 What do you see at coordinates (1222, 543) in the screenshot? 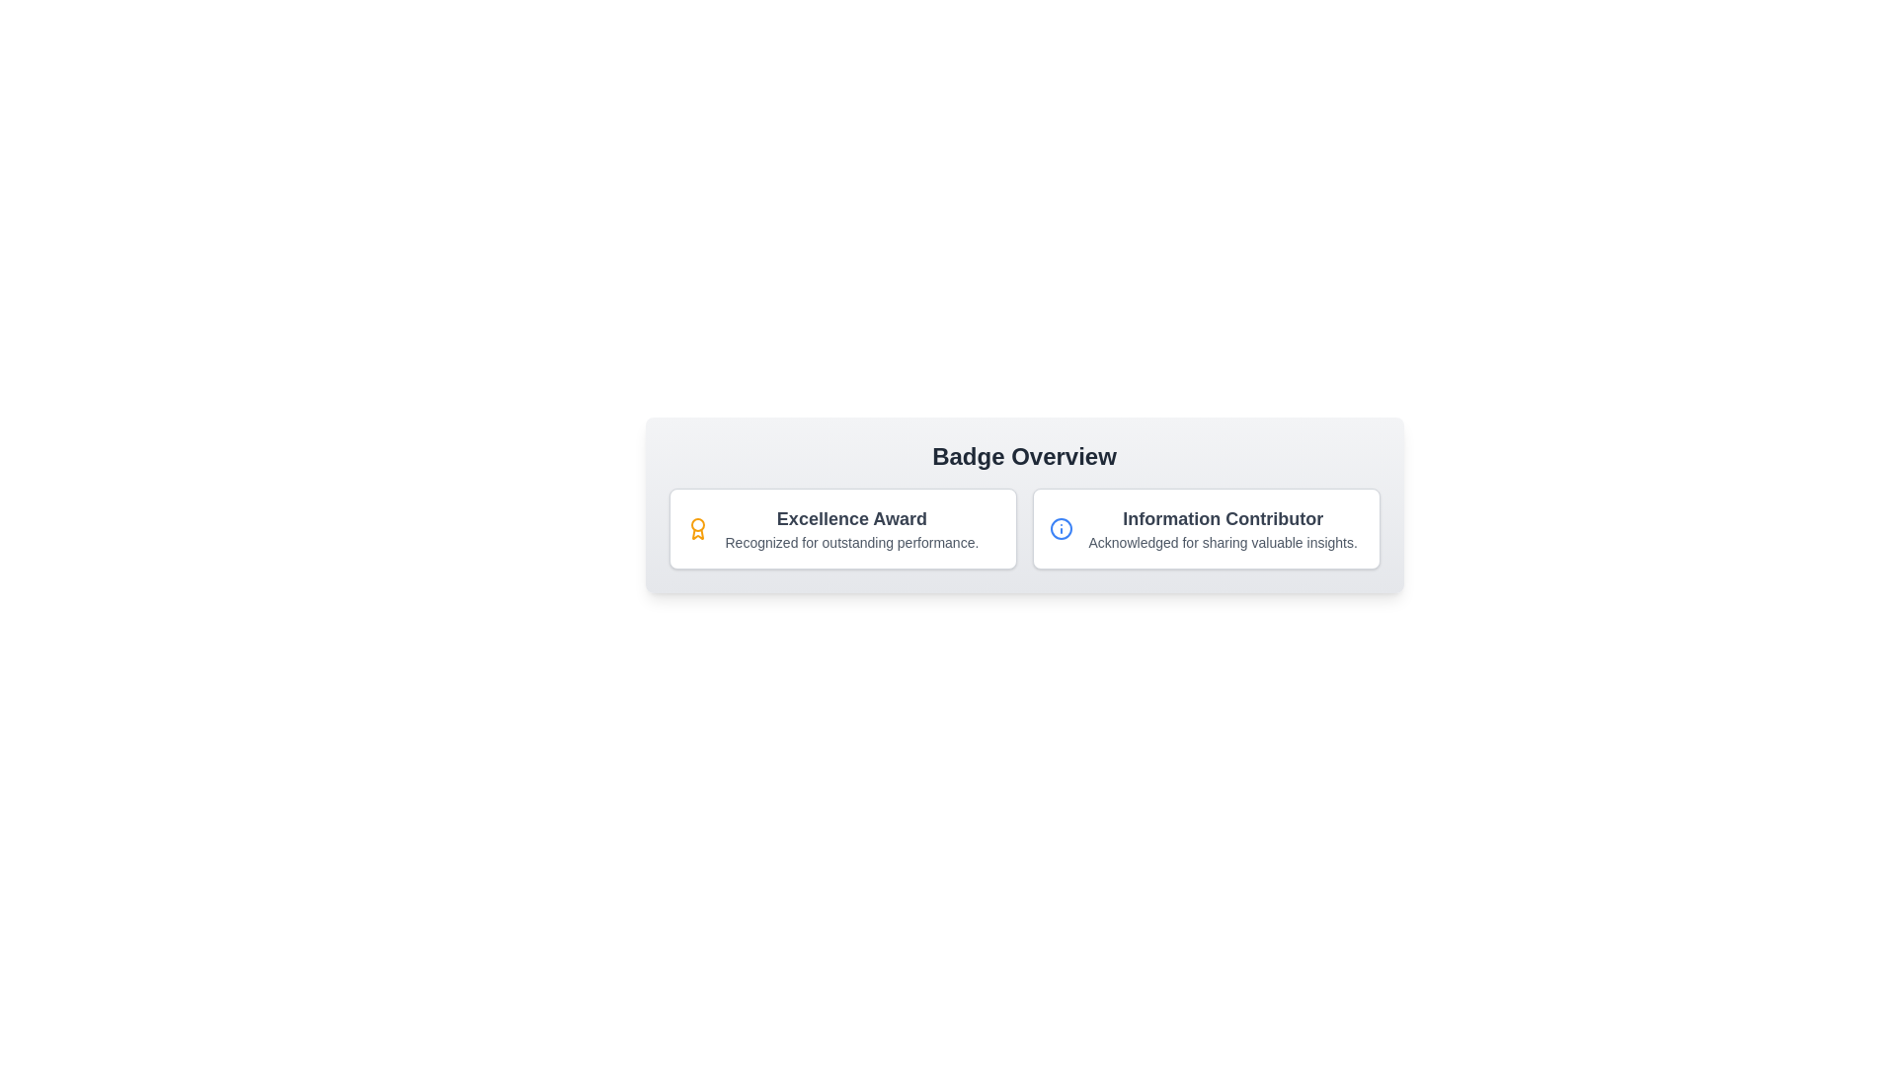
I see `text element that says 'Acknowledged for sharing valuable insights.', which is styled in a smaller font size and gray color, located directly below the 'Information Contributor' label` at bounding box center [1222, 543].